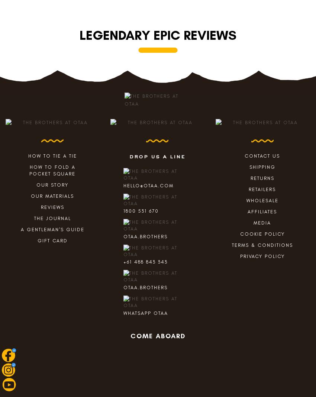 Image resolution: width=316 pixels, height=397 pixels. Describe the element at coordinates (145, 287) in the screenshot. I see `'otaa.brothers'` at that location.